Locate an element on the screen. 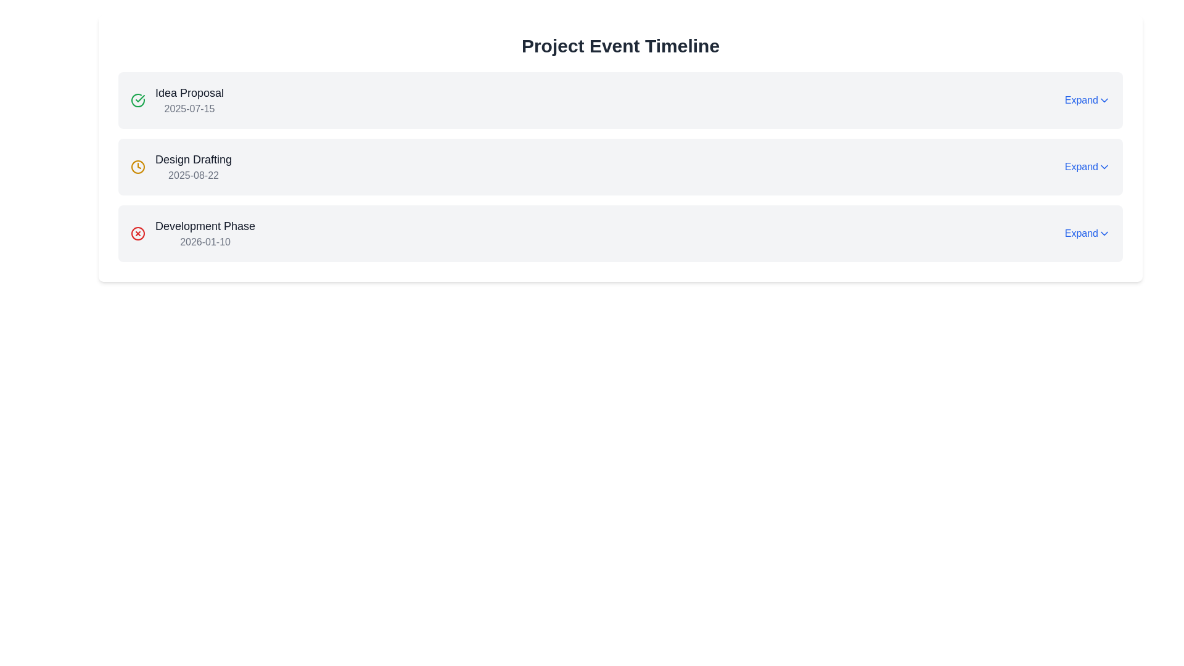  the Info Card in the second row of the 'Project Event Timeline' list, which provides details about a specific event including its title and scheduled date is located at coordinates (180, 166).